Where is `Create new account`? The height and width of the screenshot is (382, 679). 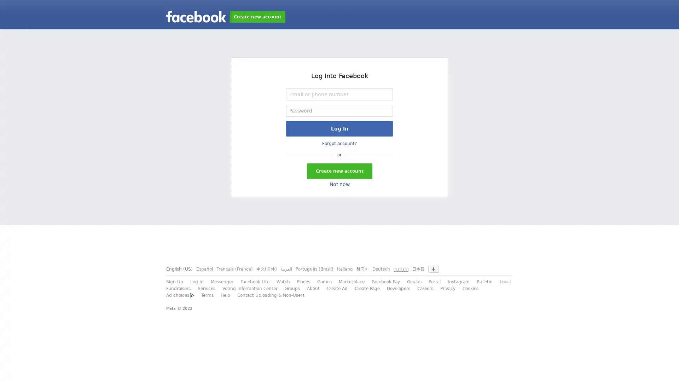 Create new account is located at coordinates (257, 16).